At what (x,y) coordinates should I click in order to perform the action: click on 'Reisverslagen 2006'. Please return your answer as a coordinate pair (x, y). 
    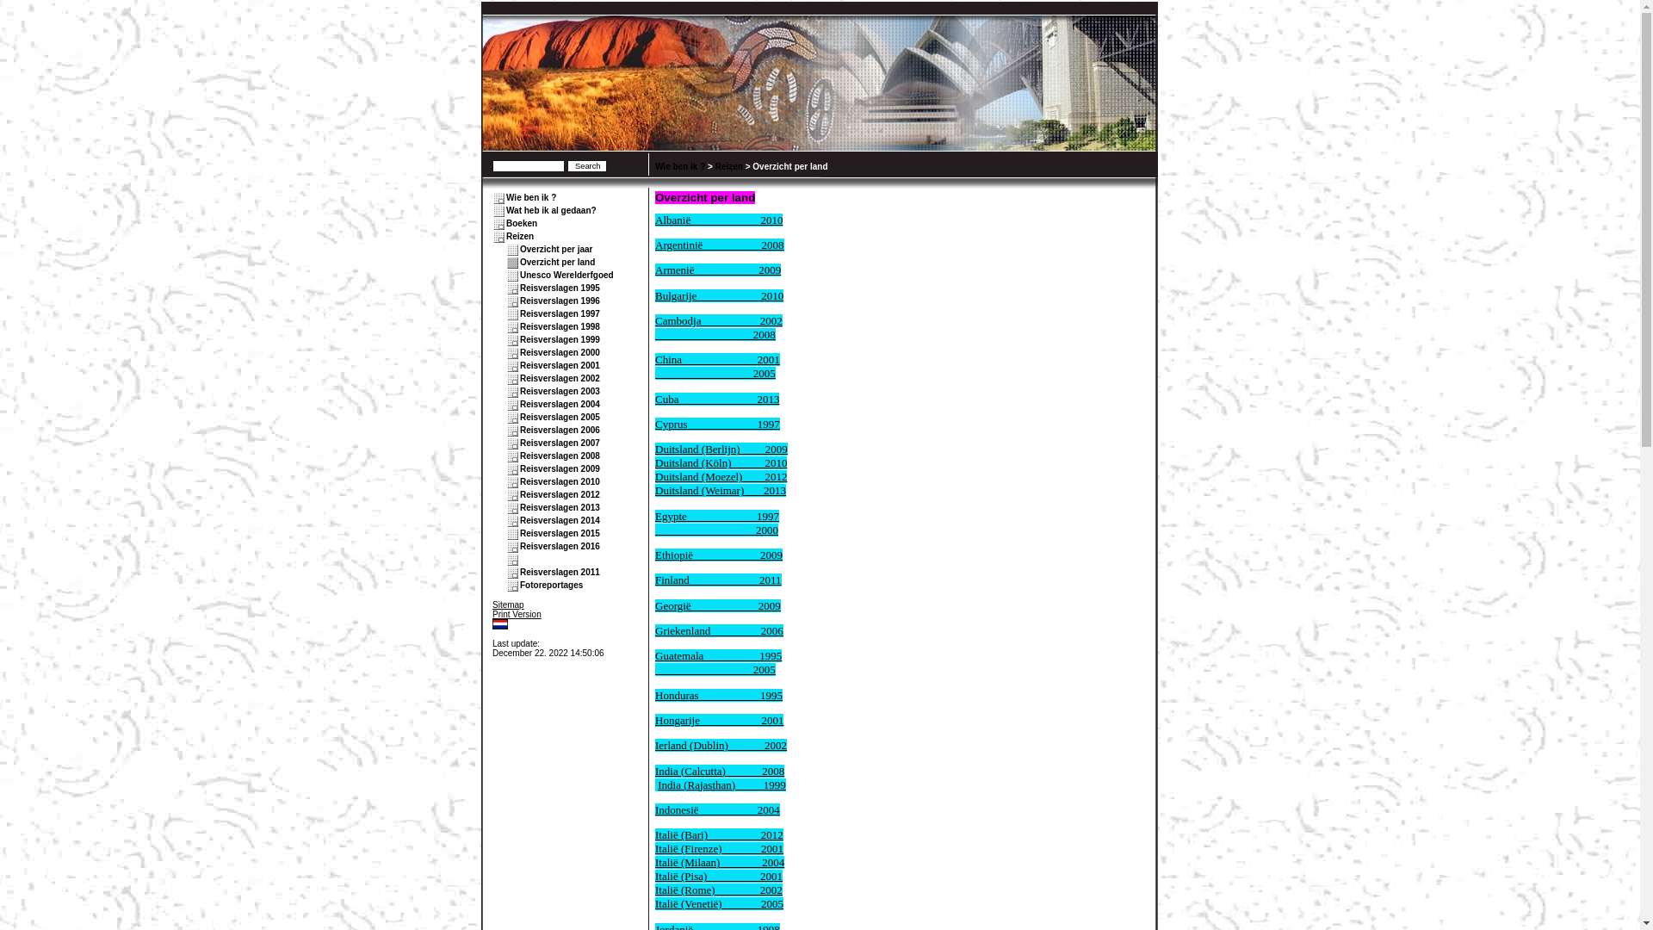
    Looking at the image, I should click on (560, 429).